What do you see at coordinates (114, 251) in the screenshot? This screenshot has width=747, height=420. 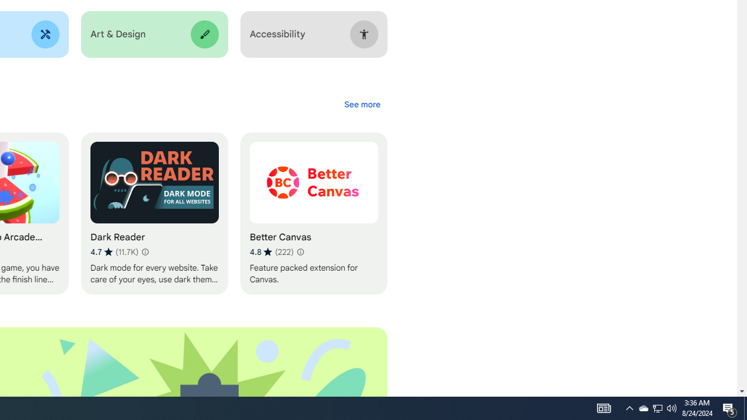 I see `'Average rating 4.7 out of 5 stars. 11.7K ratings.'` at bounding box center [114, 251].